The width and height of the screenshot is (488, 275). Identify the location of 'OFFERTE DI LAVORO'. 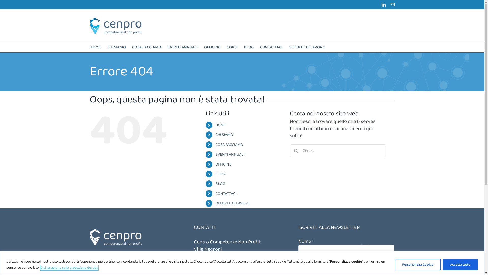
(233, 203).